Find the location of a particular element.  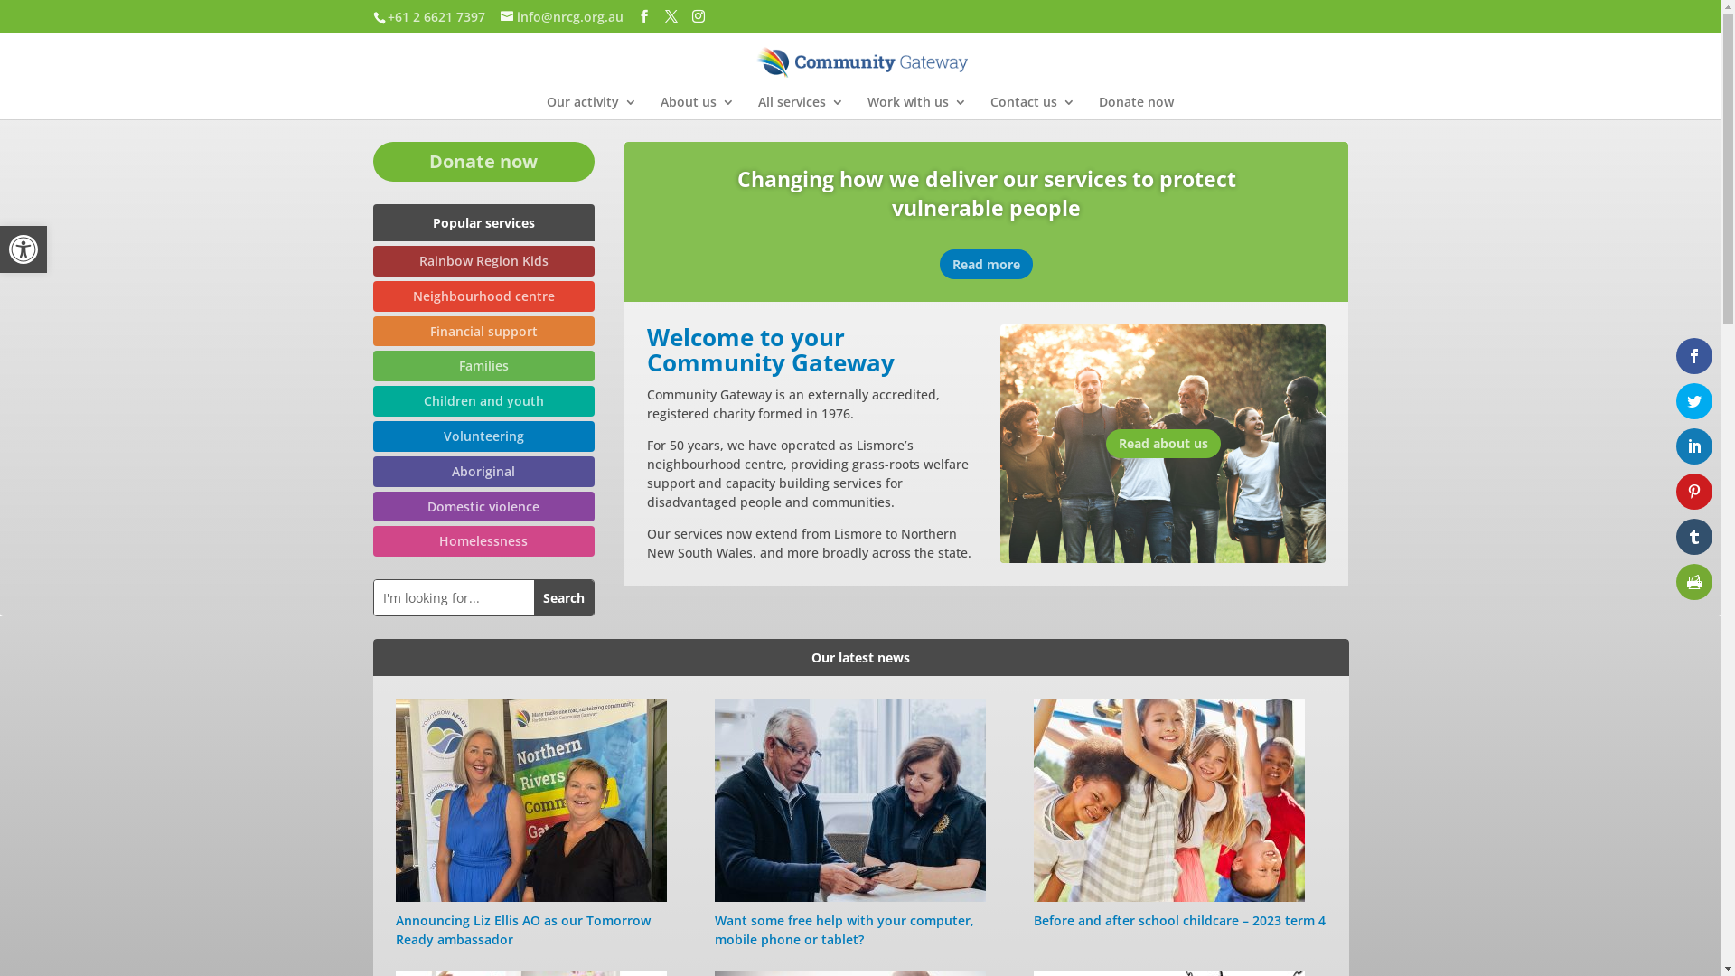

'Read more' is located at coordinates (940, 264).